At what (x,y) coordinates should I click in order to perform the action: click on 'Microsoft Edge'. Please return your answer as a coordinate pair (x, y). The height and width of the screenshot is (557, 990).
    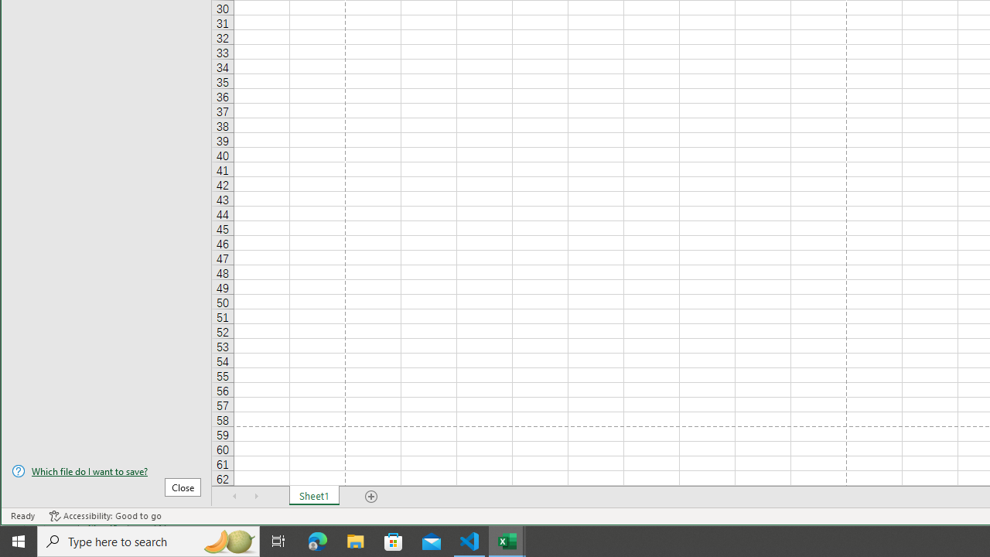
    Looking at the image, I should click on (317, 540).